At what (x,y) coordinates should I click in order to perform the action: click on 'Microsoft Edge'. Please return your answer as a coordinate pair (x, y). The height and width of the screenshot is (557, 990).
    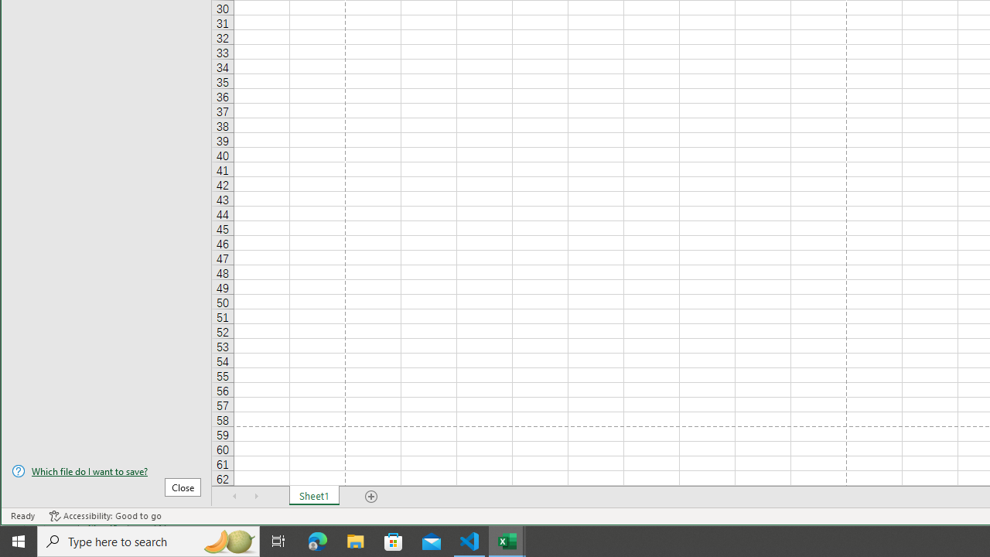
    Looking at the image, I should click on (317, 540).